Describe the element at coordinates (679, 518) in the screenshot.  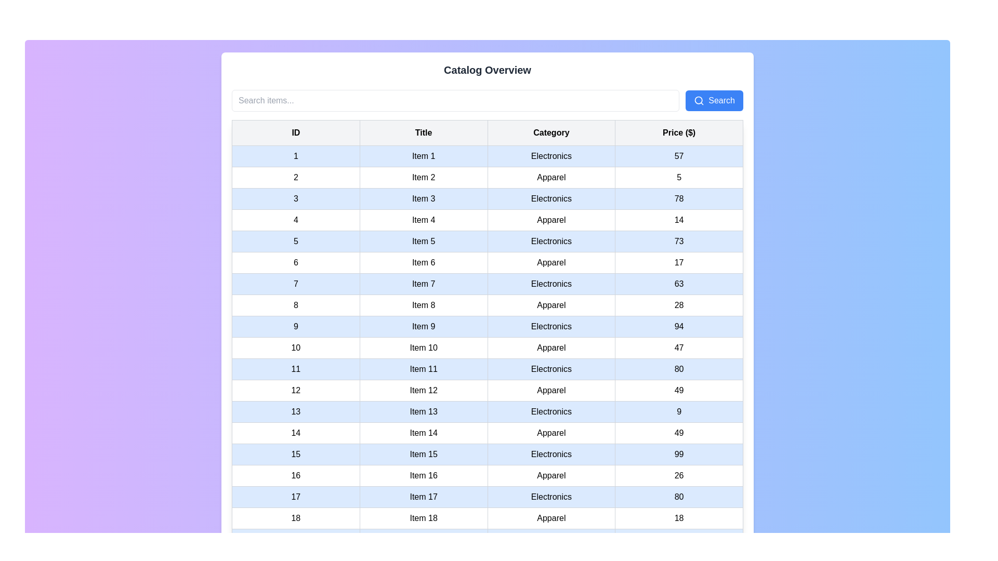
I see `price value of '18' in the Text Cell located in the 'Price ($)' column of the table for 'Item 18' in the 'Apparel' category` at that location.